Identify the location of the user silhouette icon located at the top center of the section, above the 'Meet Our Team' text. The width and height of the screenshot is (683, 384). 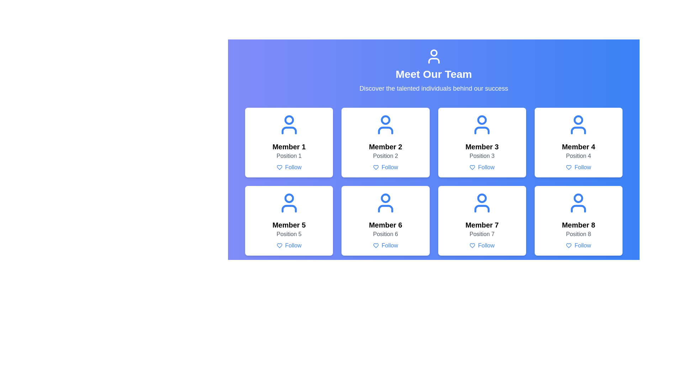
(433, 56).